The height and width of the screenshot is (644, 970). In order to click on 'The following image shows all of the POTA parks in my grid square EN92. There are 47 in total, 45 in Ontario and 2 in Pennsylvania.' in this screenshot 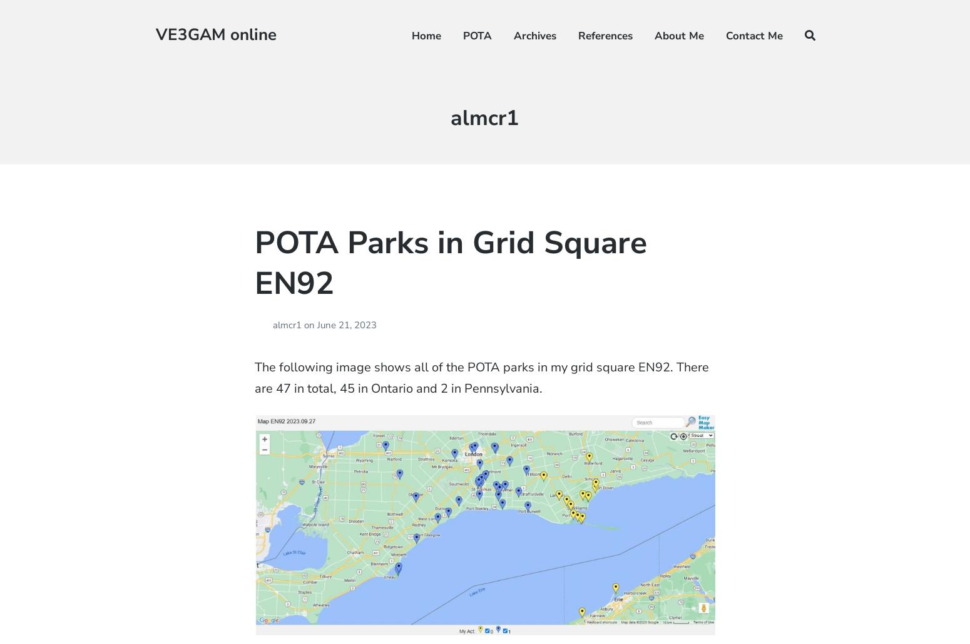, I will do `click(481, 376)`.